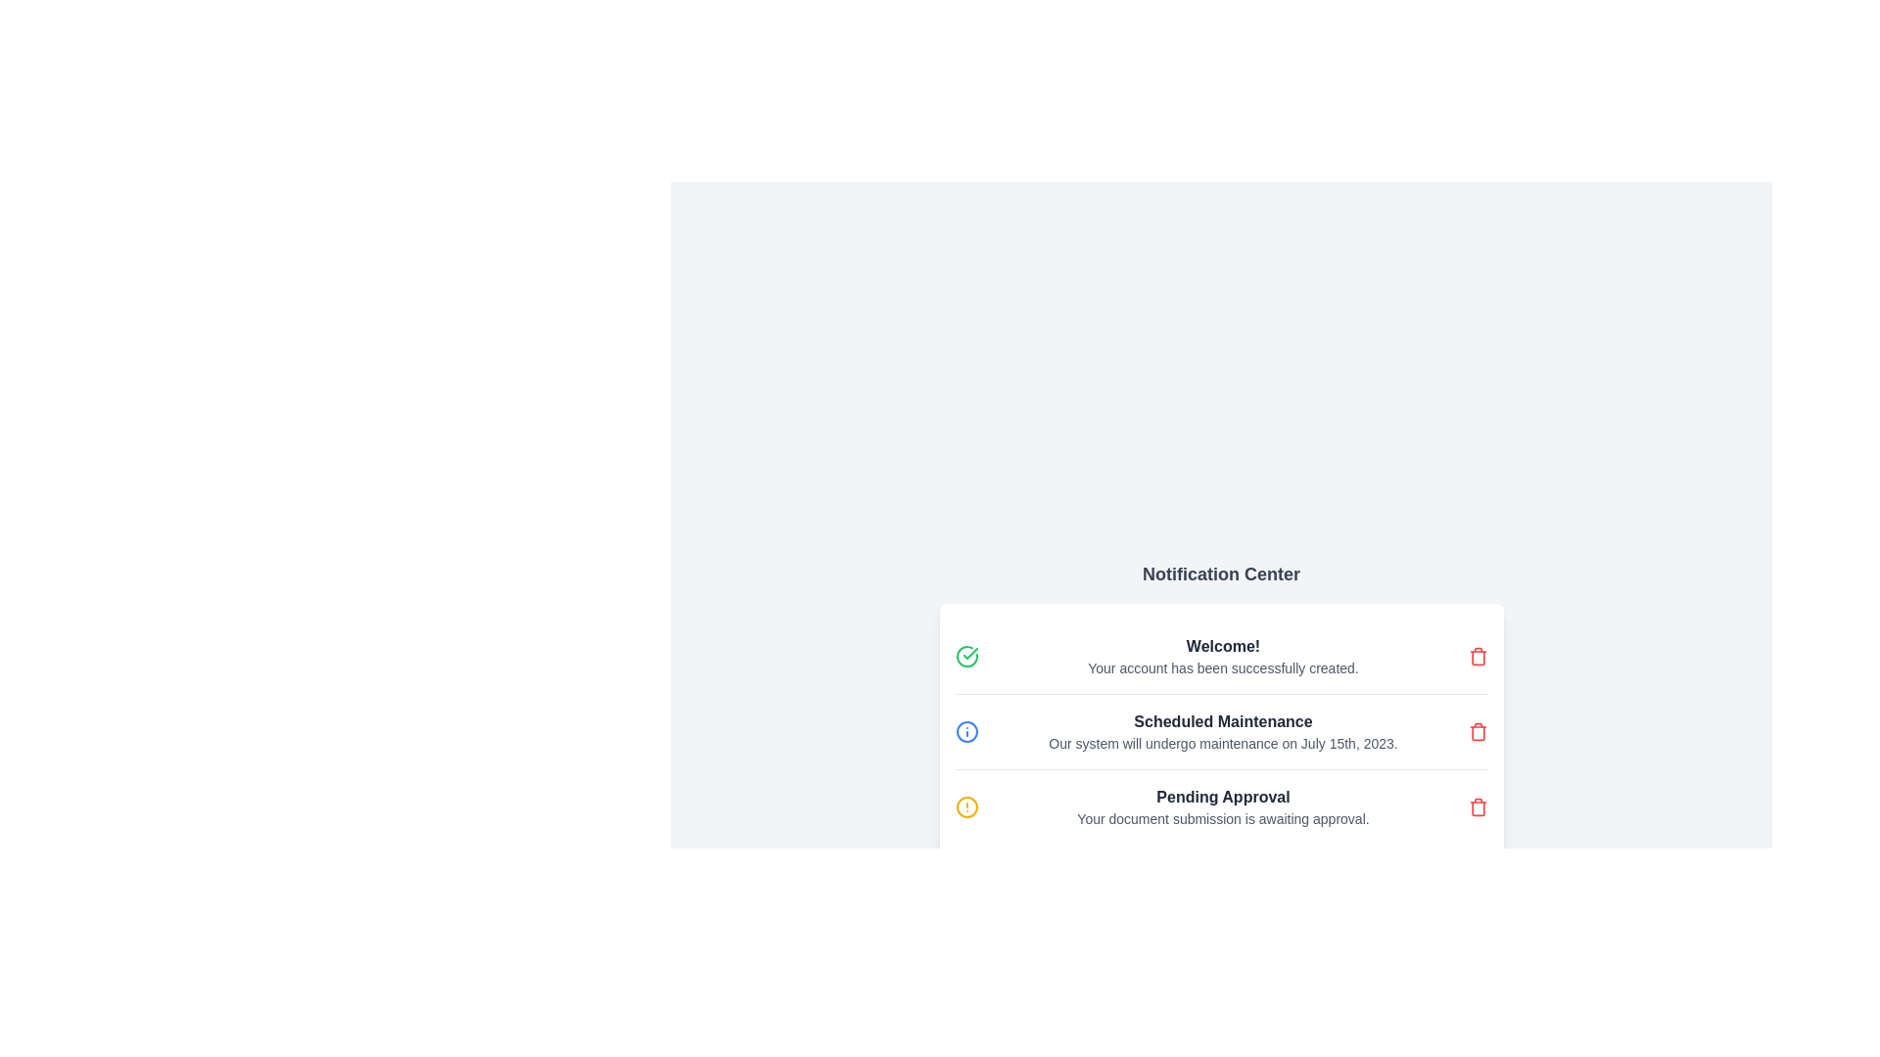 This screenshot has height=1057, width=1880. I want to click on text of the second Informational Notification Item, which contains 'Scheduled Maintenance' and details about the maintenance on July 15th, 2023, so click(1220, 732).